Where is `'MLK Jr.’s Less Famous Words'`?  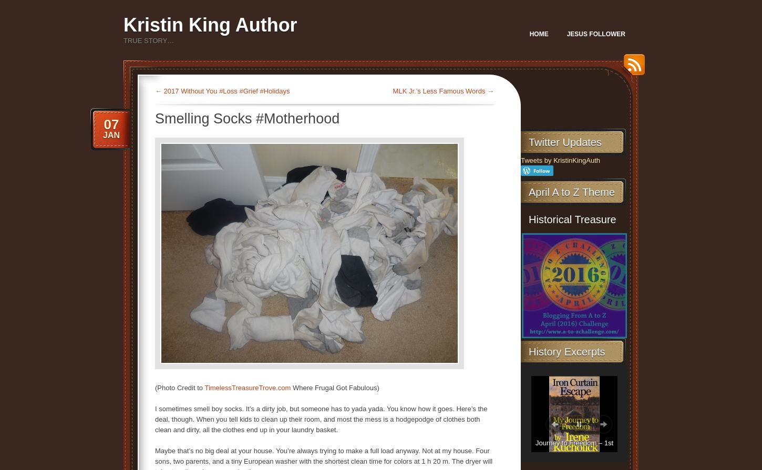
'MLK Jr.’s Less Famous Words' is located at coordinates (439, 91).